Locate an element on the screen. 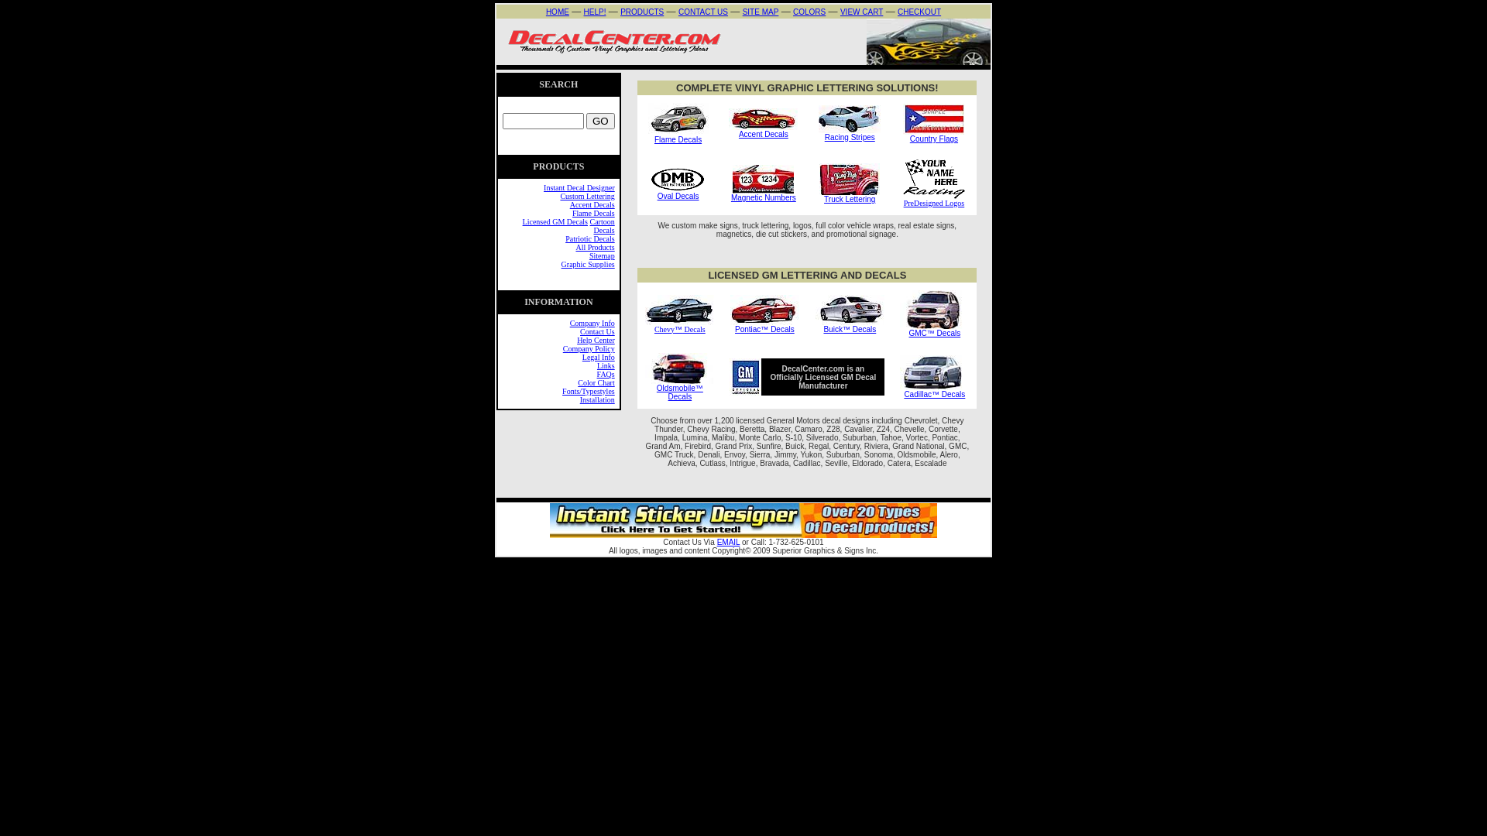 Image resolution: width=1487 pixels, height=836 pixels. 'Magnetic Numbers' is located at coordinates (763, 197).